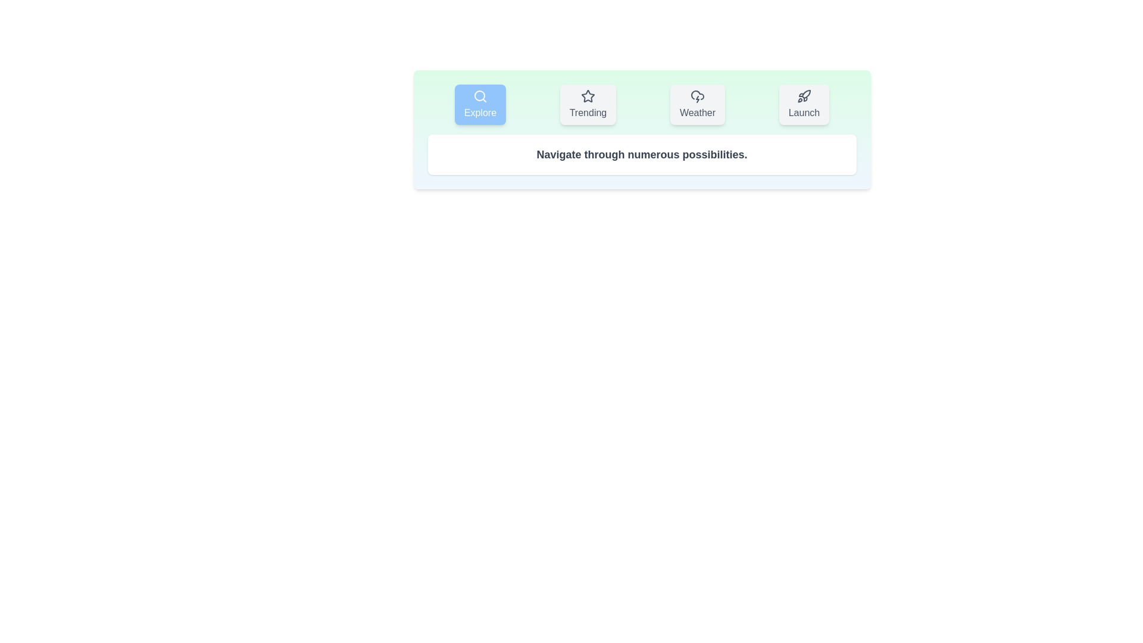 The width and height of the screenshot is (1143, 643). Describe the element at coordinates (697, 104) in the screenshot. I see `the Weather tab to view its content` at that location.